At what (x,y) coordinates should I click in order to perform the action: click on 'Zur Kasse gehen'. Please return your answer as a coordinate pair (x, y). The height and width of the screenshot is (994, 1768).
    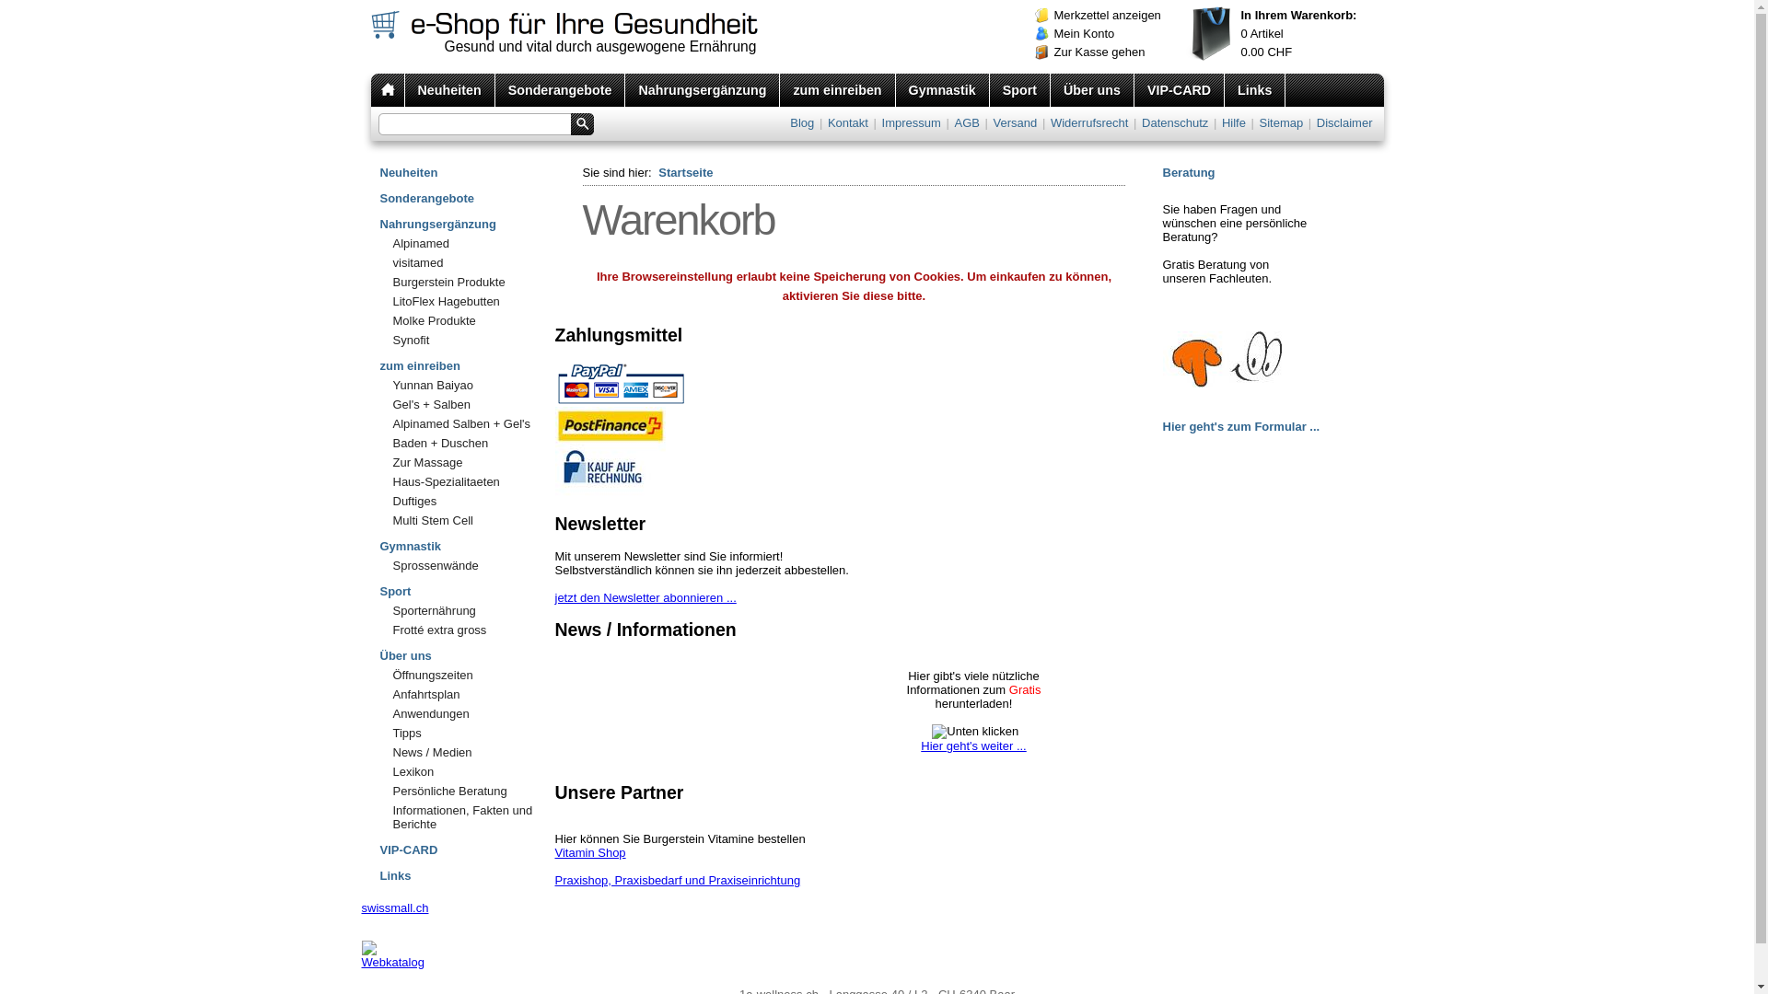
    Looking at the image, I should click on (1114, 52).